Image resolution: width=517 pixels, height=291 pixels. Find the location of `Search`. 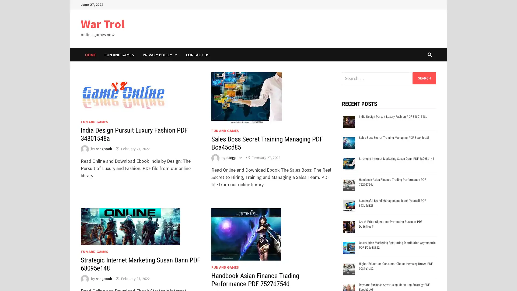

Search is located at coordinates (424, 78).